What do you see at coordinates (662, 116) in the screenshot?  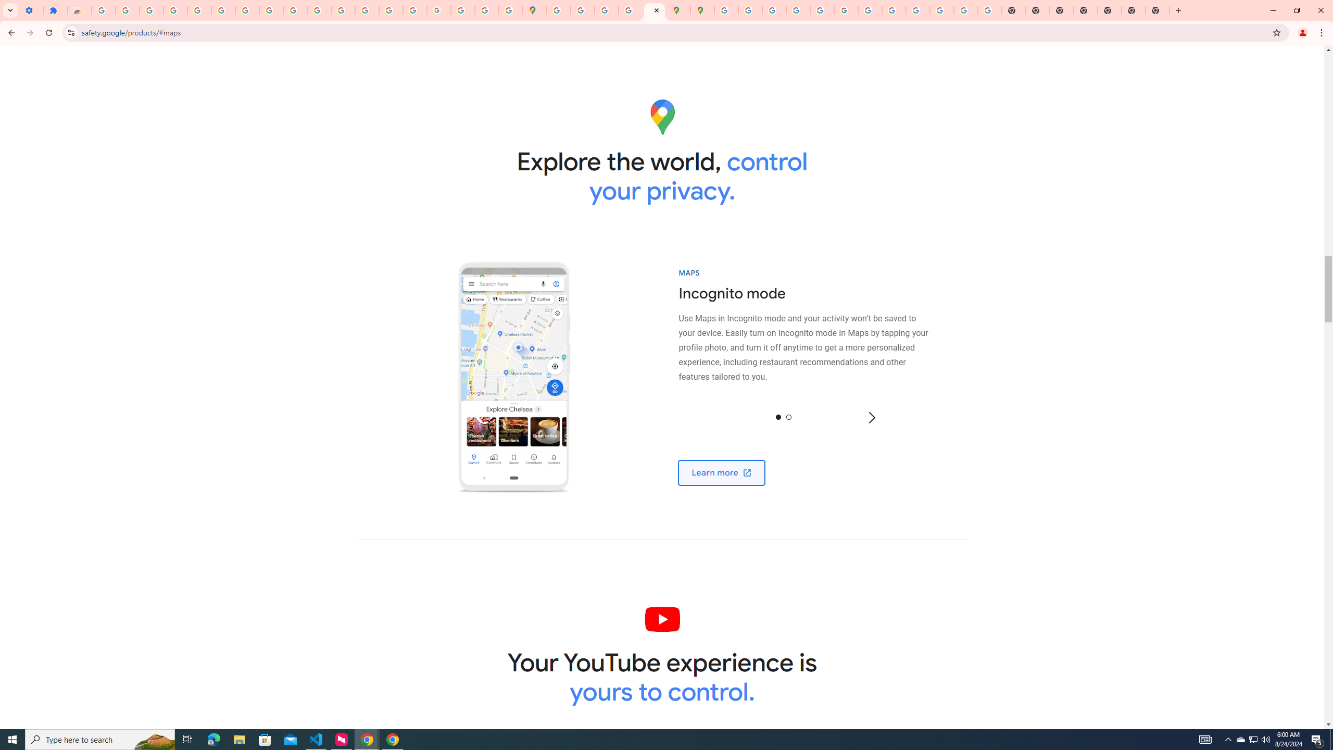 I see `'The Google Maps logo'` at bounding box center [662, 116].